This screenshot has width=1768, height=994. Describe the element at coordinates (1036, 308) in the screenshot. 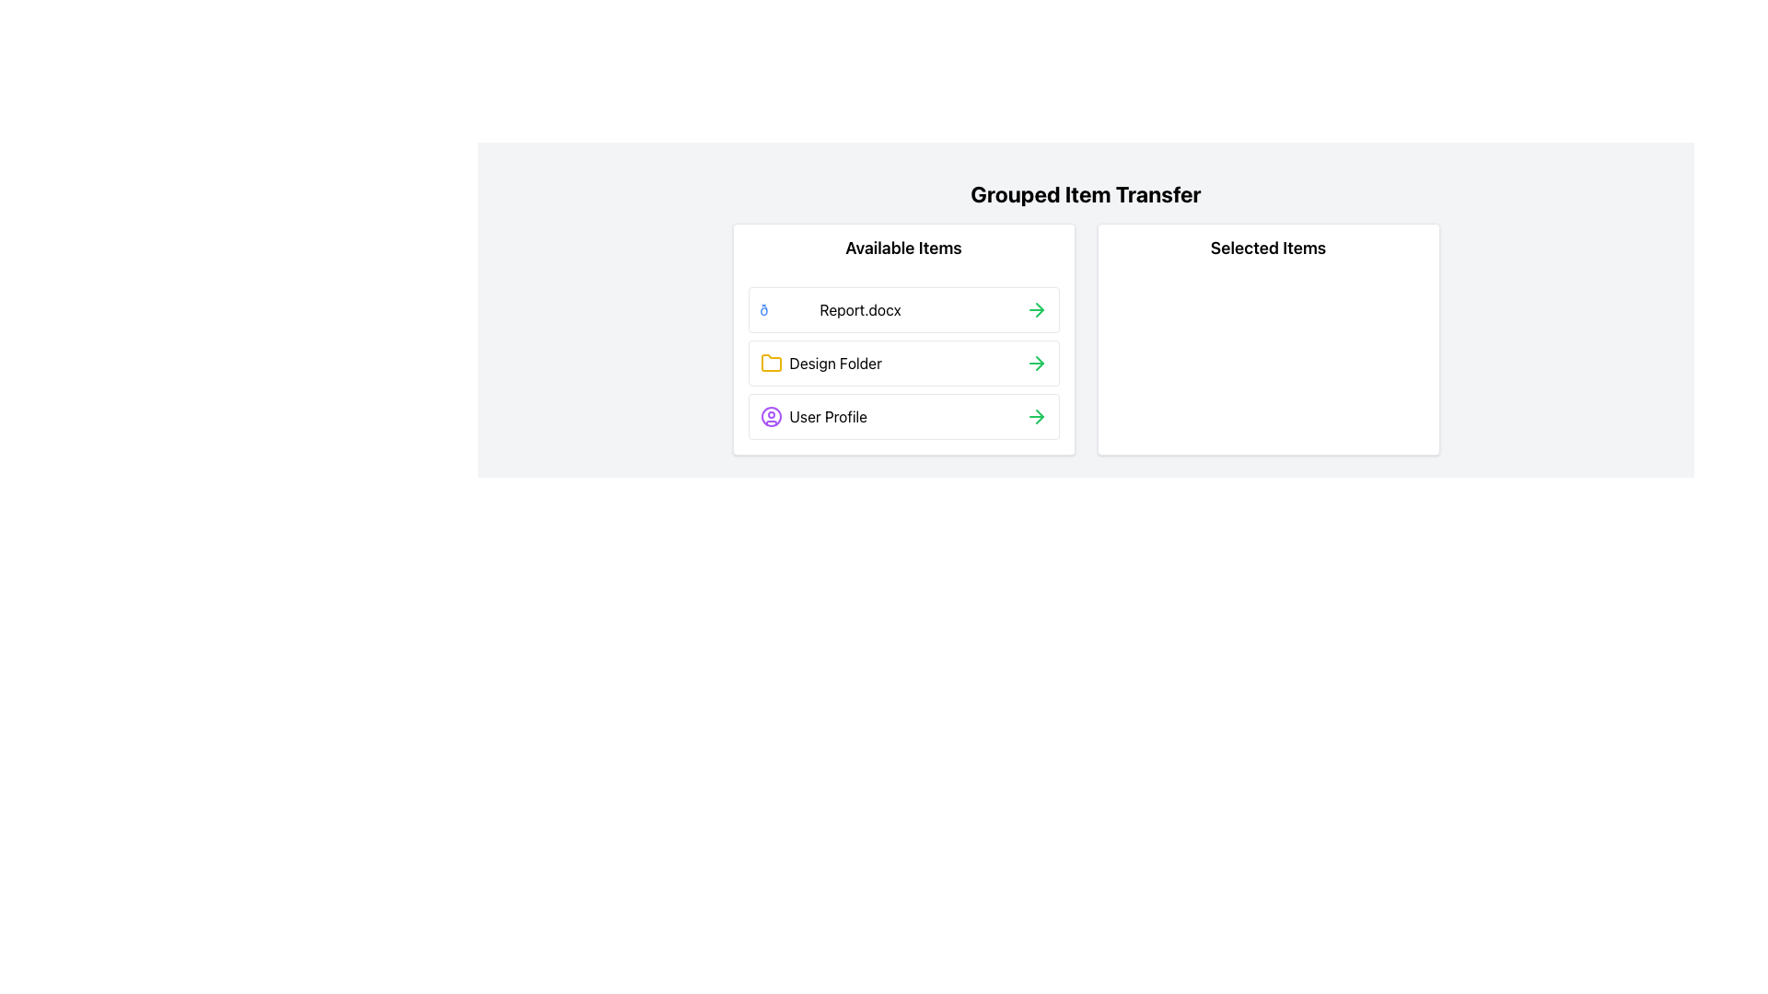

I see `the interactive green arrow icon located to the right of 'Report.docx'` at that location.